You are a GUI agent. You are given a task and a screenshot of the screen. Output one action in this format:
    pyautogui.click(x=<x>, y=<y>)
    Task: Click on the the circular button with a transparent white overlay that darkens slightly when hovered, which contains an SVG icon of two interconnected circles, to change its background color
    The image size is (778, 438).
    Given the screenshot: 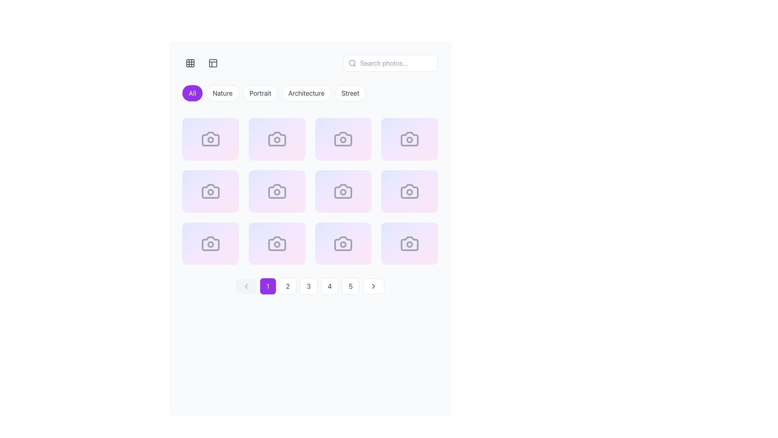 What is the action you would take?
    pyautogui.click(x=413, y=147)
    